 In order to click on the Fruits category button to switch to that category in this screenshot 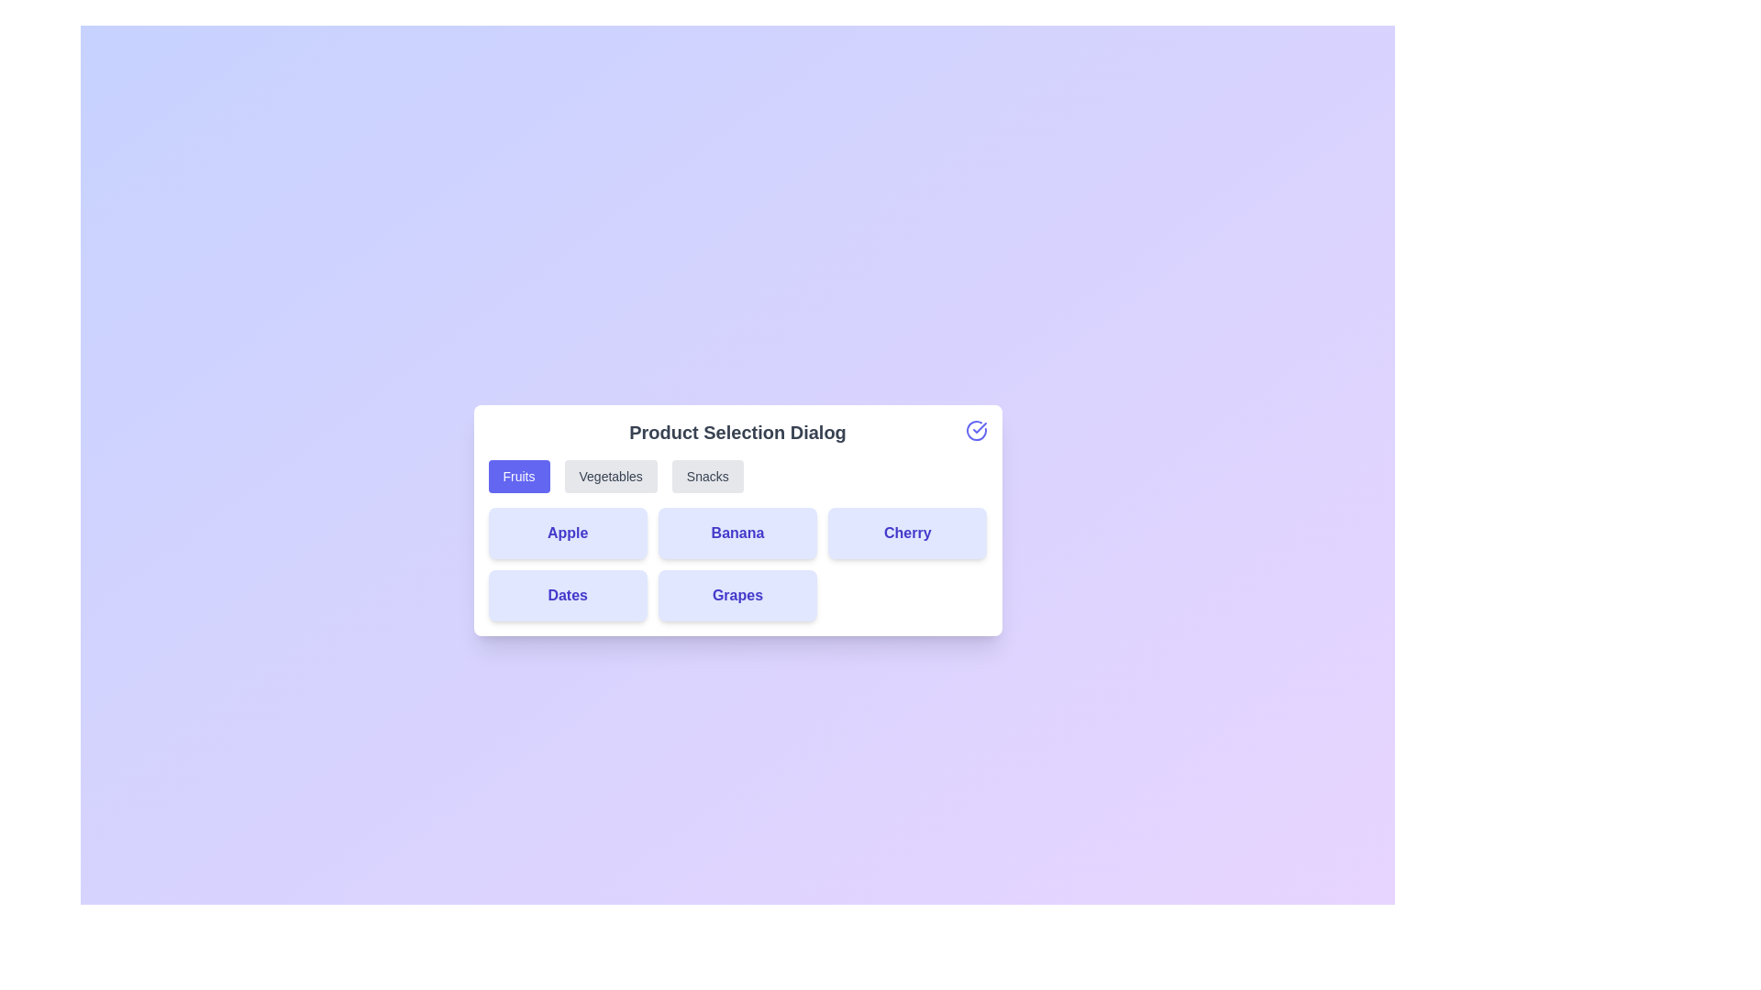, I will do `click(518, 476)`.